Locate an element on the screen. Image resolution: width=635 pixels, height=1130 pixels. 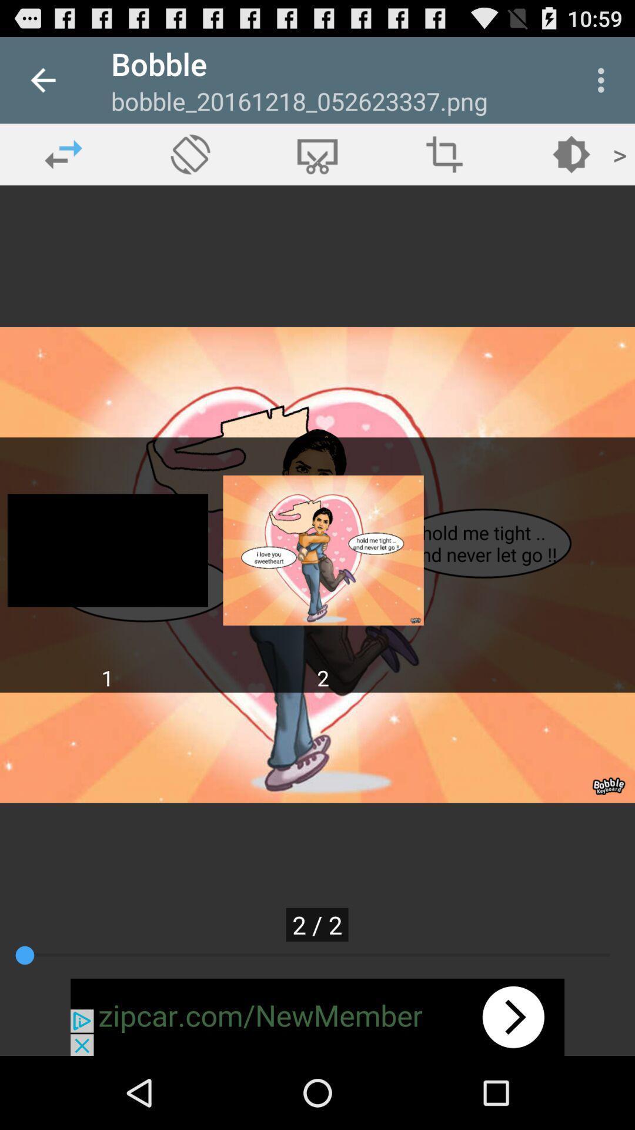
the play icon is located at coordinates (571, 154).